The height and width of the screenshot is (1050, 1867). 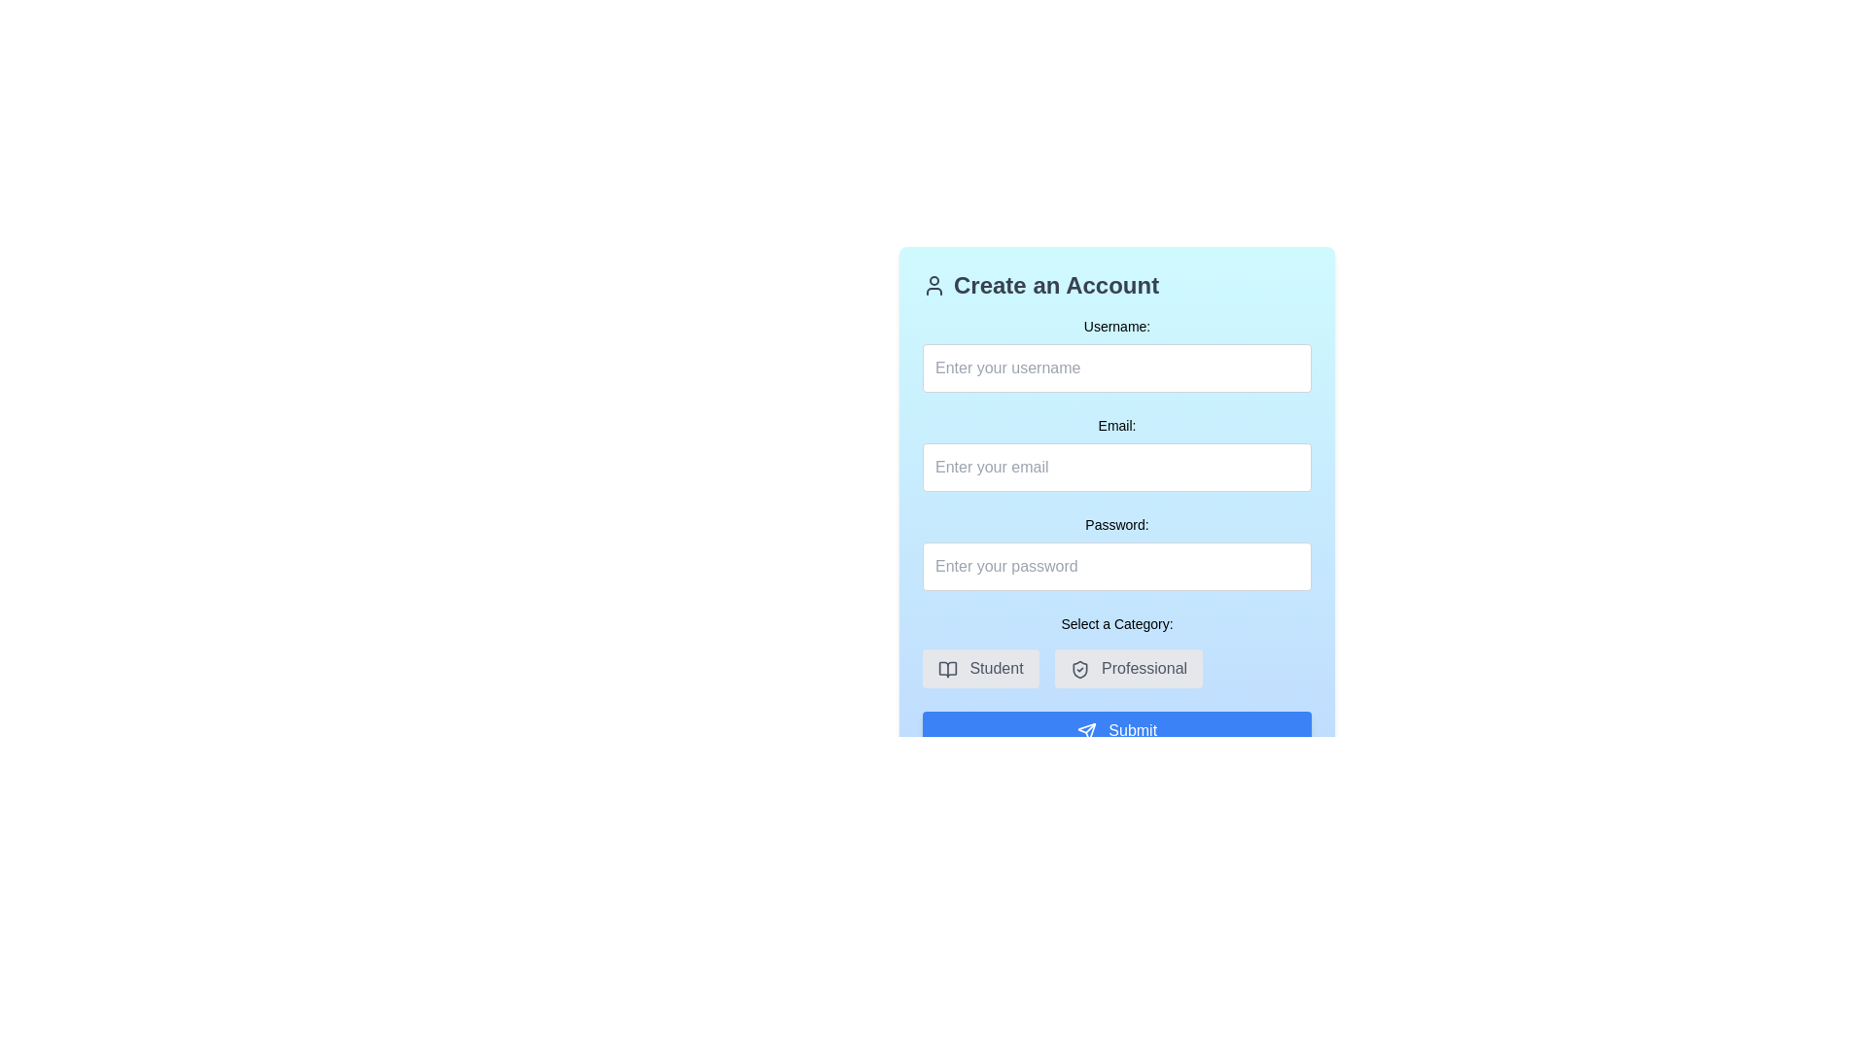 I want to click on the 'Professional' category selection button located to the right of the 'Student' button in the 'Select a Category' segment, so click(x=1128, y=667).